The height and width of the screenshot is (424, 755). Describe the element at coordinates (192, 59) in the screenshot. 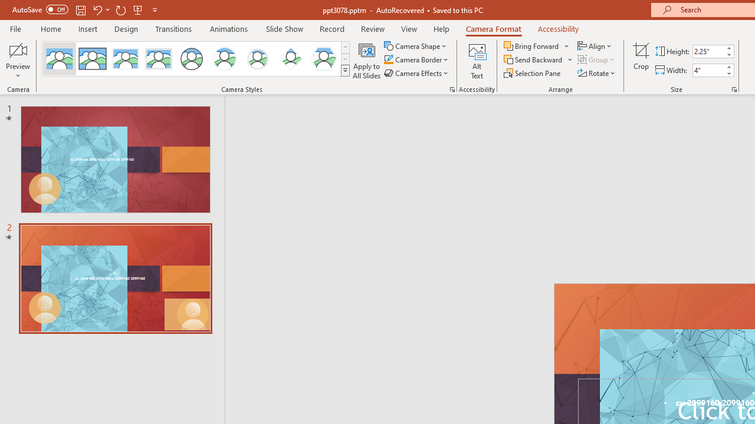

I see `'Simple Frame Circle'` at that location.